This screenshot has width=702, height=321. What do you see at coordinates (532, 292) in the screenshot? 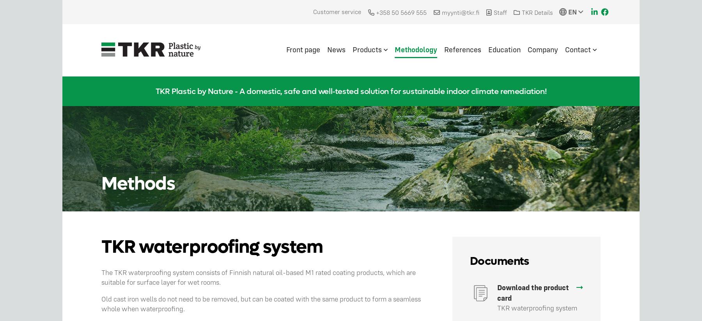
I see `'Download the product card'` at bounding box center [532, 292].